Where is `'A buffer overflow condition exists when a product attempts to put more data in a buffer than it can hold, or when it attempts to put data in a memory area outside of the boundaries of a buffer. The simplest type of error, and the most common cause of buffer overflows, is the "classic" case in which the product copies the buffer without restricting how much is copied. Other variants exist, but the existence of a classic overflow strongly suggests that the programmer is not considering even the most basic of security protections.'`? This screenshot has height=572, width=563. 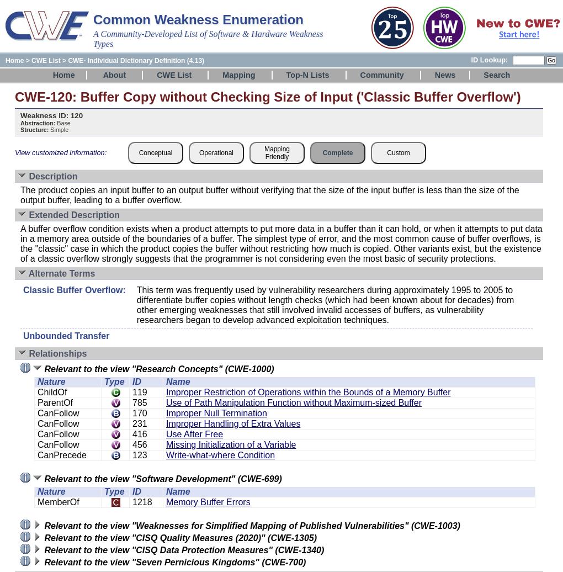 'A buffer overflow condition exists when a product attempts to put more data in a buffer than it can hold, or when it attempts to put data in a memory area outside of the boundaries of a buffer. The simplest type of error, and the most common cause of buffer overflows, is the "classic" case in which the product copies the buffer without restricting how much is copied. Other variants exist, but the existence of a classic overflow strongly suggests that the programmer is not considering even the most basic of security protections.' is located at coordinates (20, 243).